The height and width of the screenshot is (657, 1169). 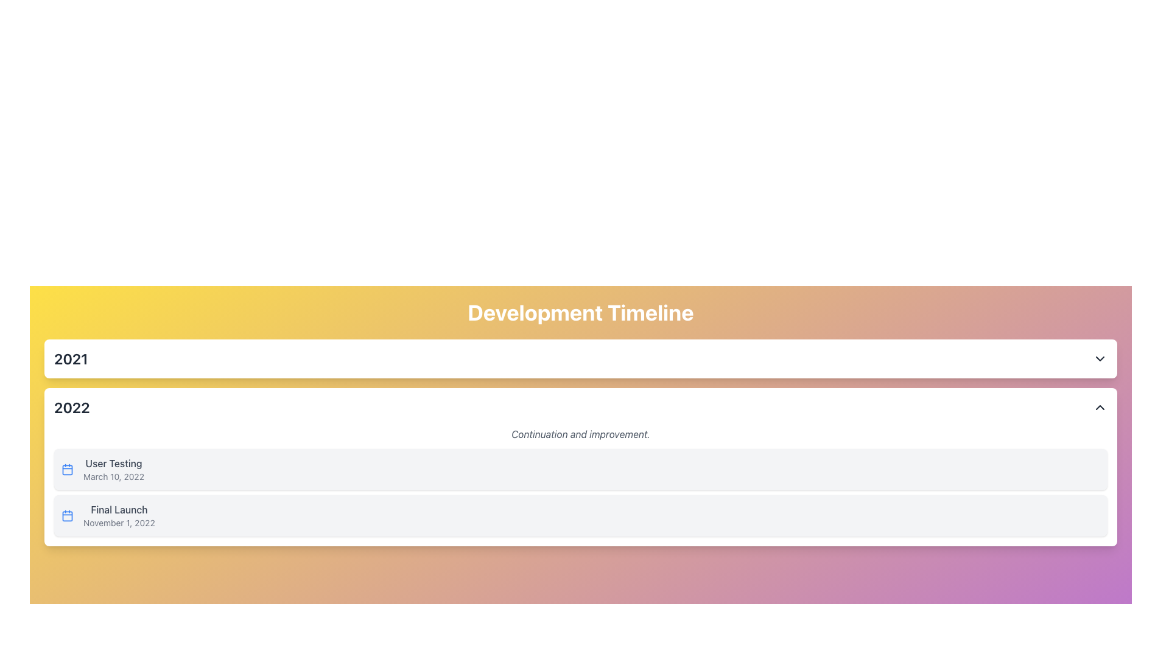 I want to click on the surrounding element of the 'Final Launch' text block, which is formatted in bold gray font and located under the '2022' header, so click(x=119, y=516).